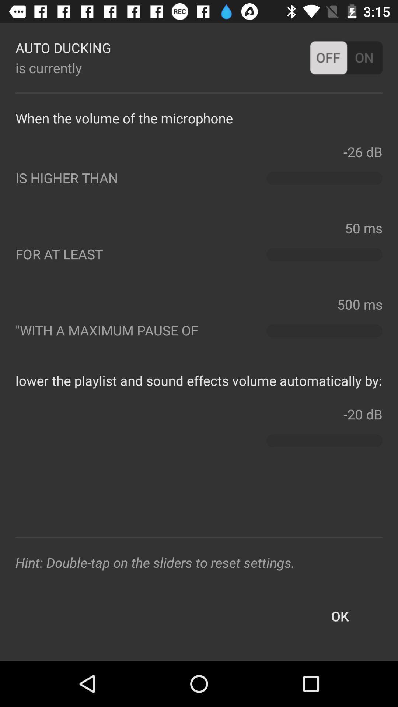 The height and width of the screenshot is (707, 398). Describe the element at coordinates (346, 57) in the screenshot. I see `offon button at right side of auto ducking` at that location.